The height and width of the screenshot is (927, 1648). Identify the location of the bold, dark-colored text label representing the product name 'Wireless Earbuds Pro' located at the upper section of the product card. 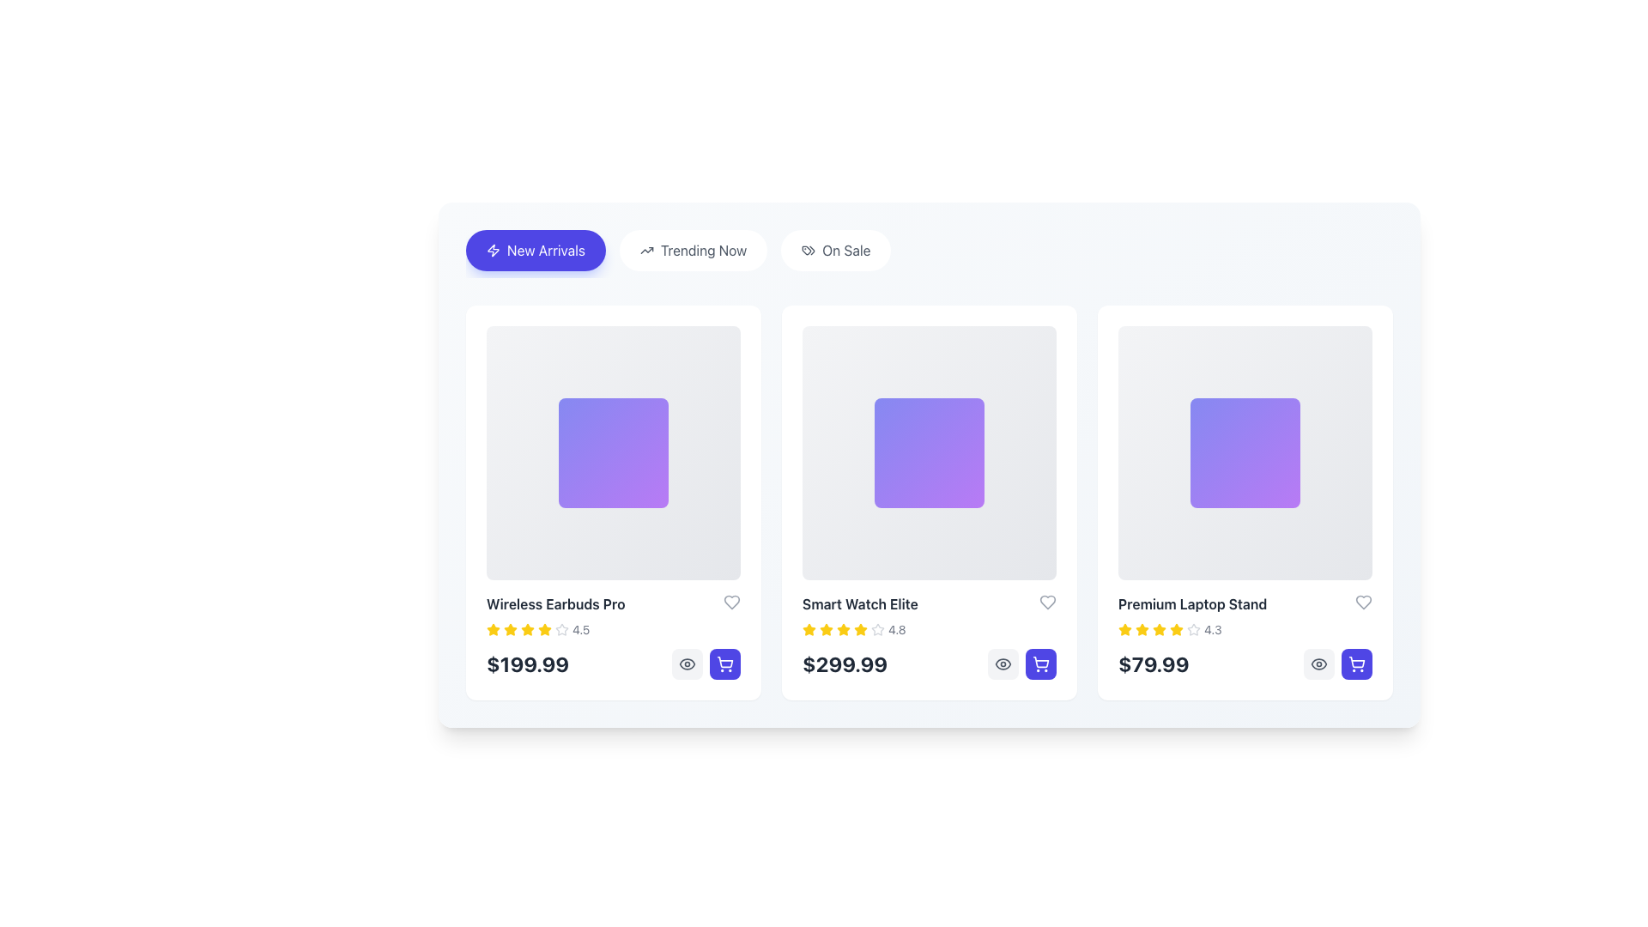
(614, 603).